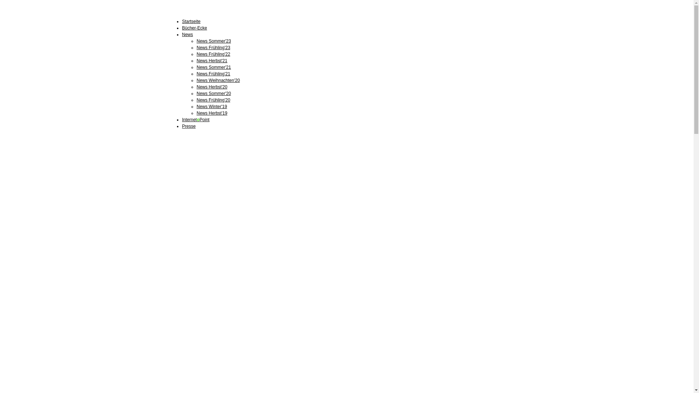  I want to click on 'News Sommer'20', so click(213, 93).